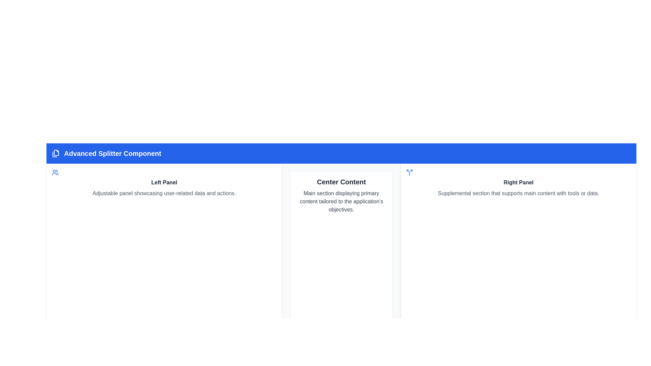 This screenshot has width=651, height=366. Describe the element at coordinates (341, 201) in the screenshot. I see `the Static Text element that provides a descriptive explanation for the main section of the application, which is located directly below the 'Center Content' text` at that location.